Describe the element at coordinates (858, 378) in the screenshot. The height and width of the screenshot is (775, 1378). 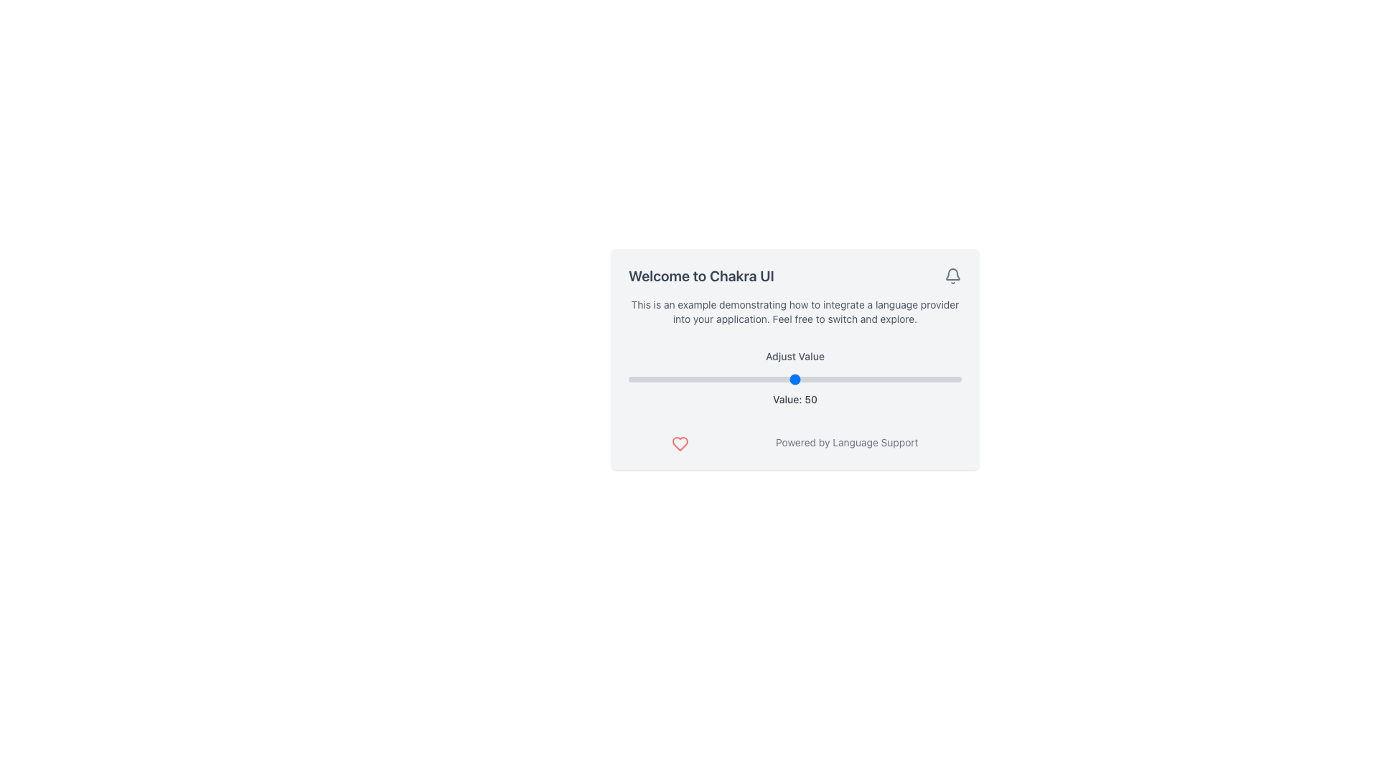
I see `the slider value` at that location.